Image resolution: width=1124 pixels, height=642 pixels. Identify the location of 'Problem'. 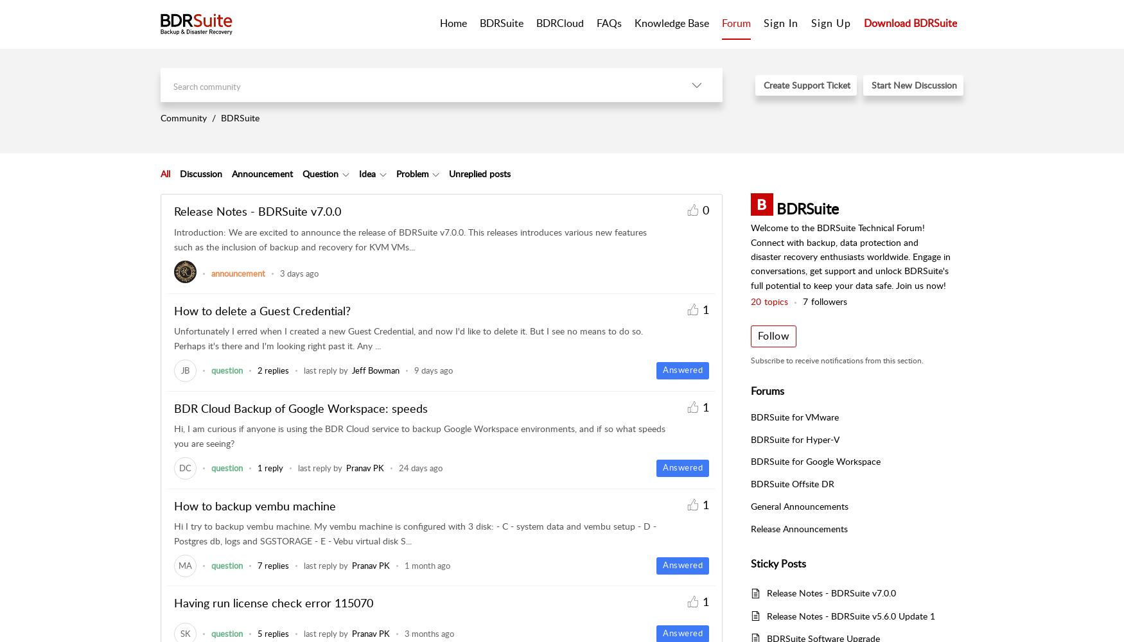
(411, 173).